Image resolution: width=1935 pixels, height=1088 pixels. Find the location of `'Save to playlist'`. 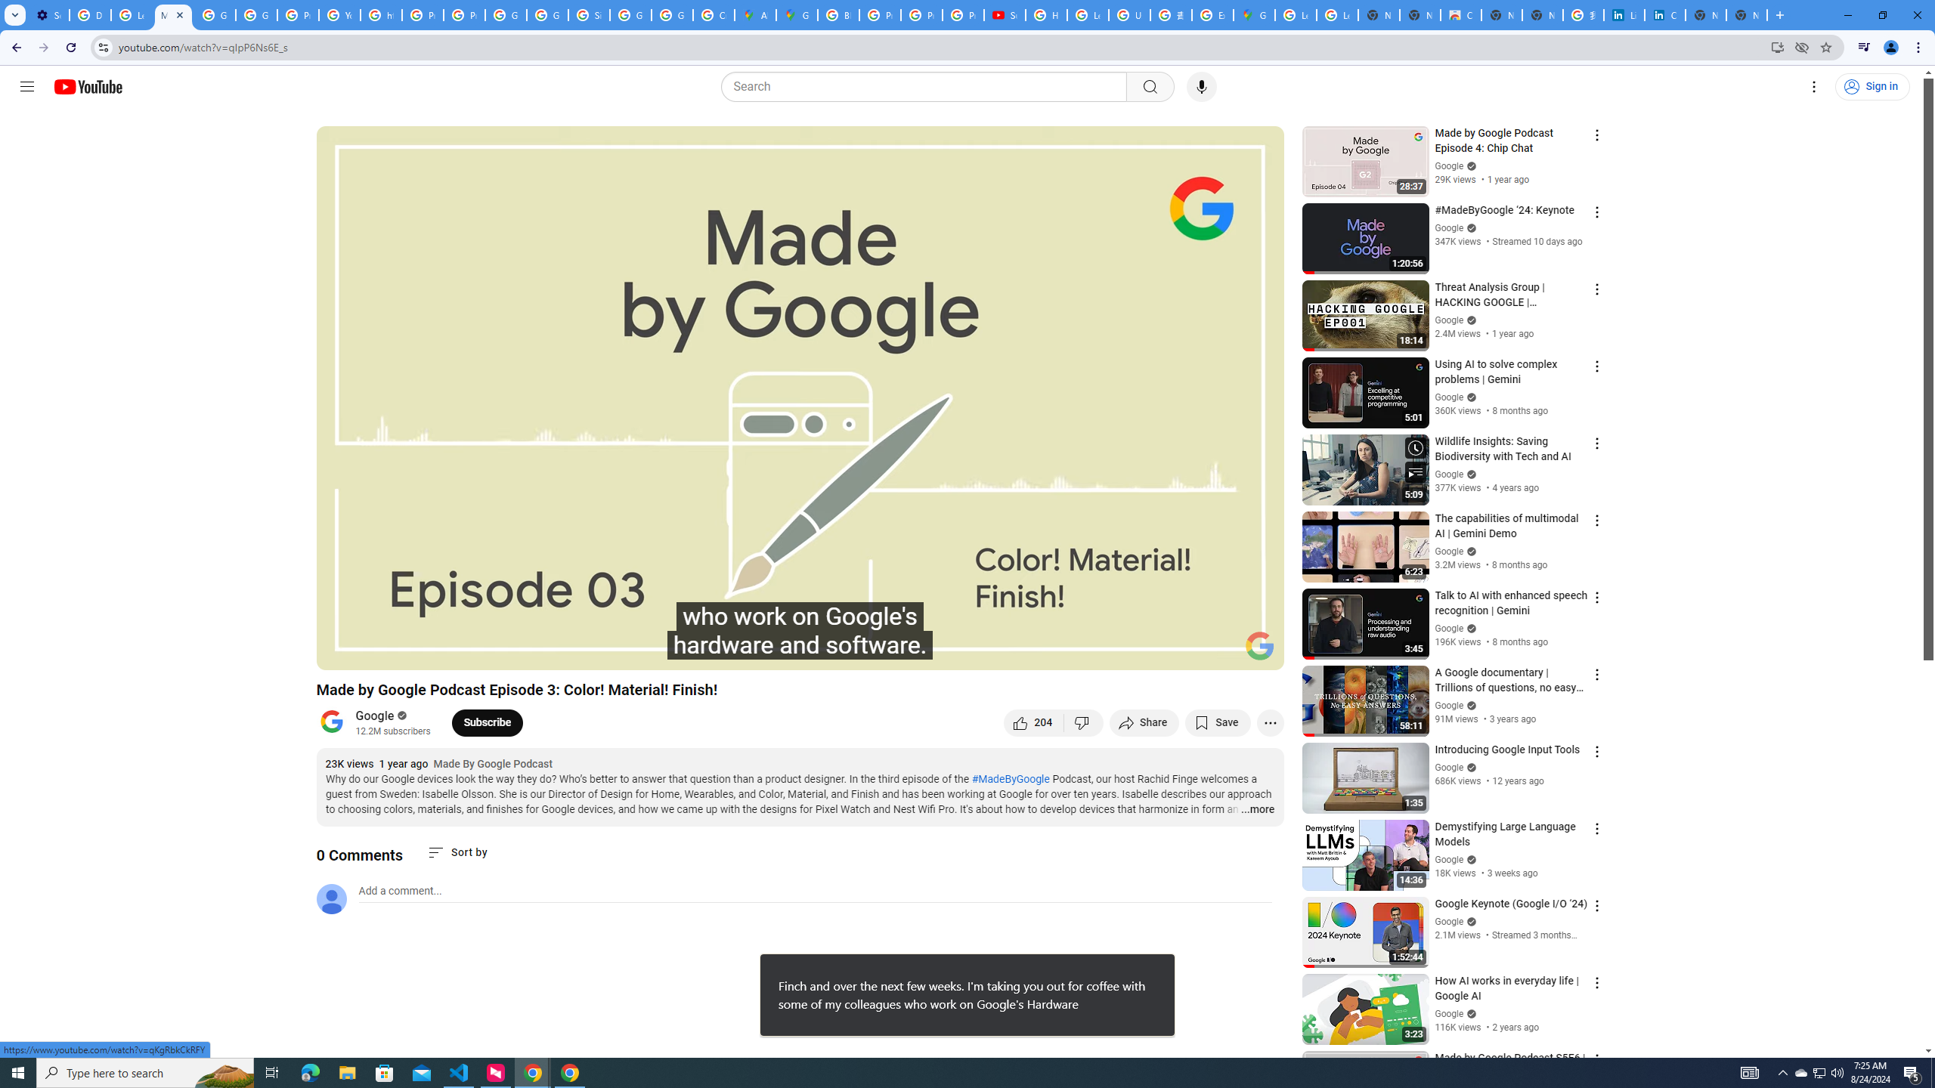

'Save to playlist' is located at coordinates (1217, 722).